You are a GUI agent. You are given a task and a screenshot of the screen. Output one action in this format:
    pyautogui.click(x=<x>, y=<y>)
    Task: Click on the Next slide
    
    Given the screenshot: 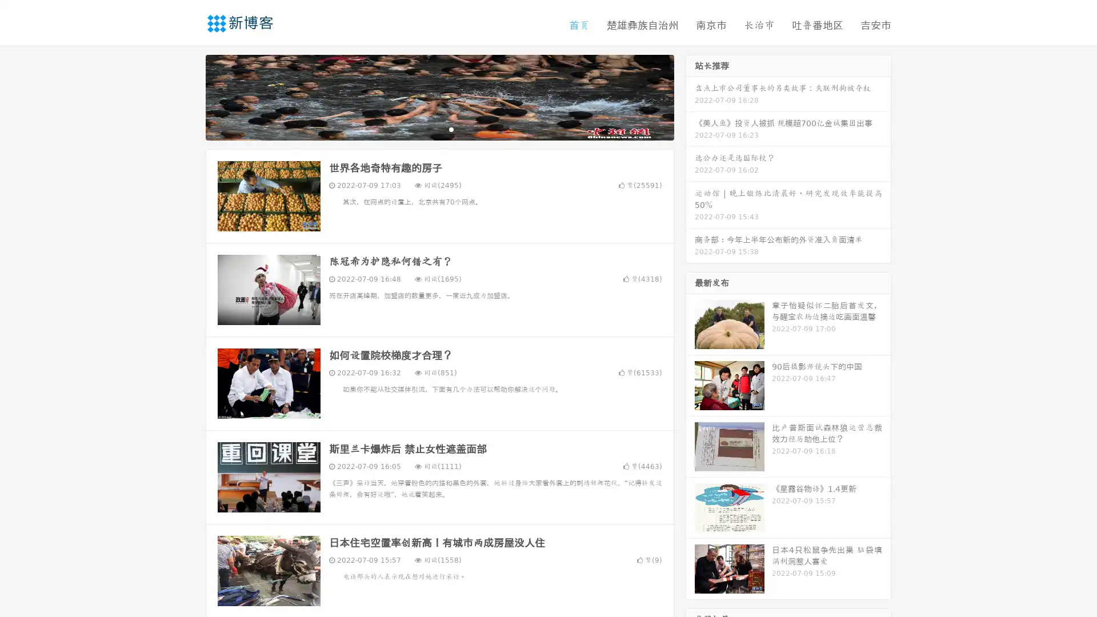 What is the action you would take?
    pyautogui.click(x=690, y=96)
    